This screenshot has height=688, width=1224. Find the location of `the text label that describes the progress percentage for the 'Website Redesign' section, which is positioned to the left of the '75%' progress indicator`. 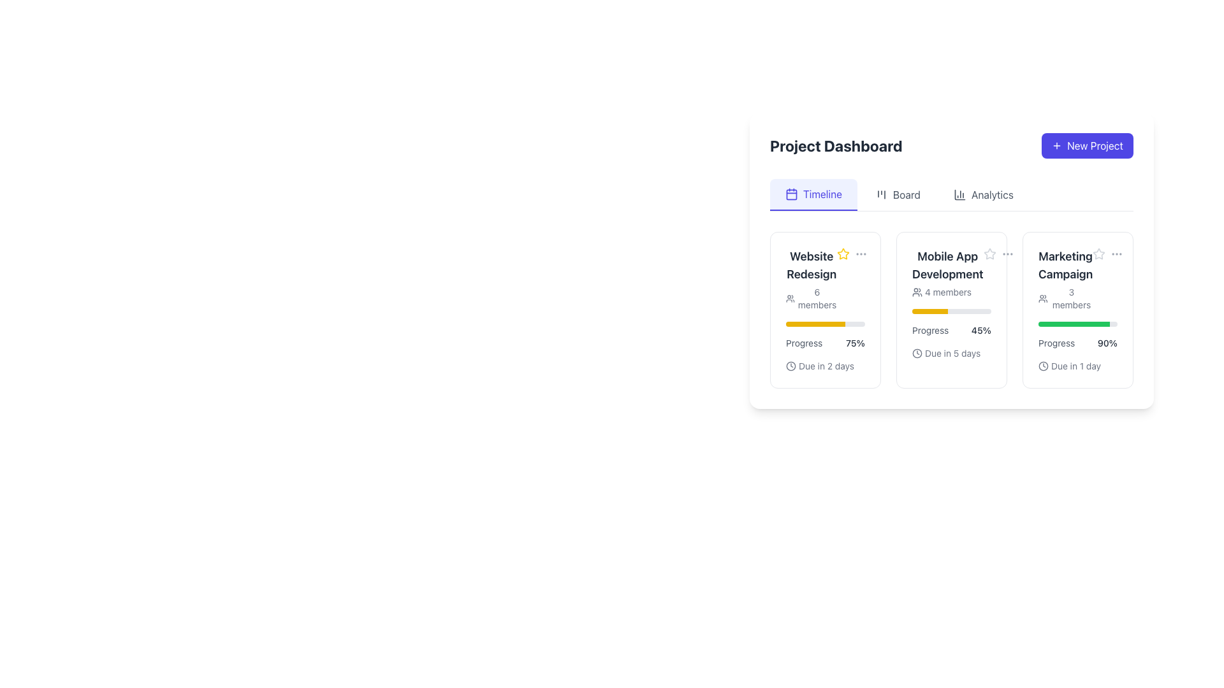

the text label that describes the progress percentage for the 'Website Redesign' section, which is positioned to the left of the '75%' progress indicator is located at coordinates (803, 343).